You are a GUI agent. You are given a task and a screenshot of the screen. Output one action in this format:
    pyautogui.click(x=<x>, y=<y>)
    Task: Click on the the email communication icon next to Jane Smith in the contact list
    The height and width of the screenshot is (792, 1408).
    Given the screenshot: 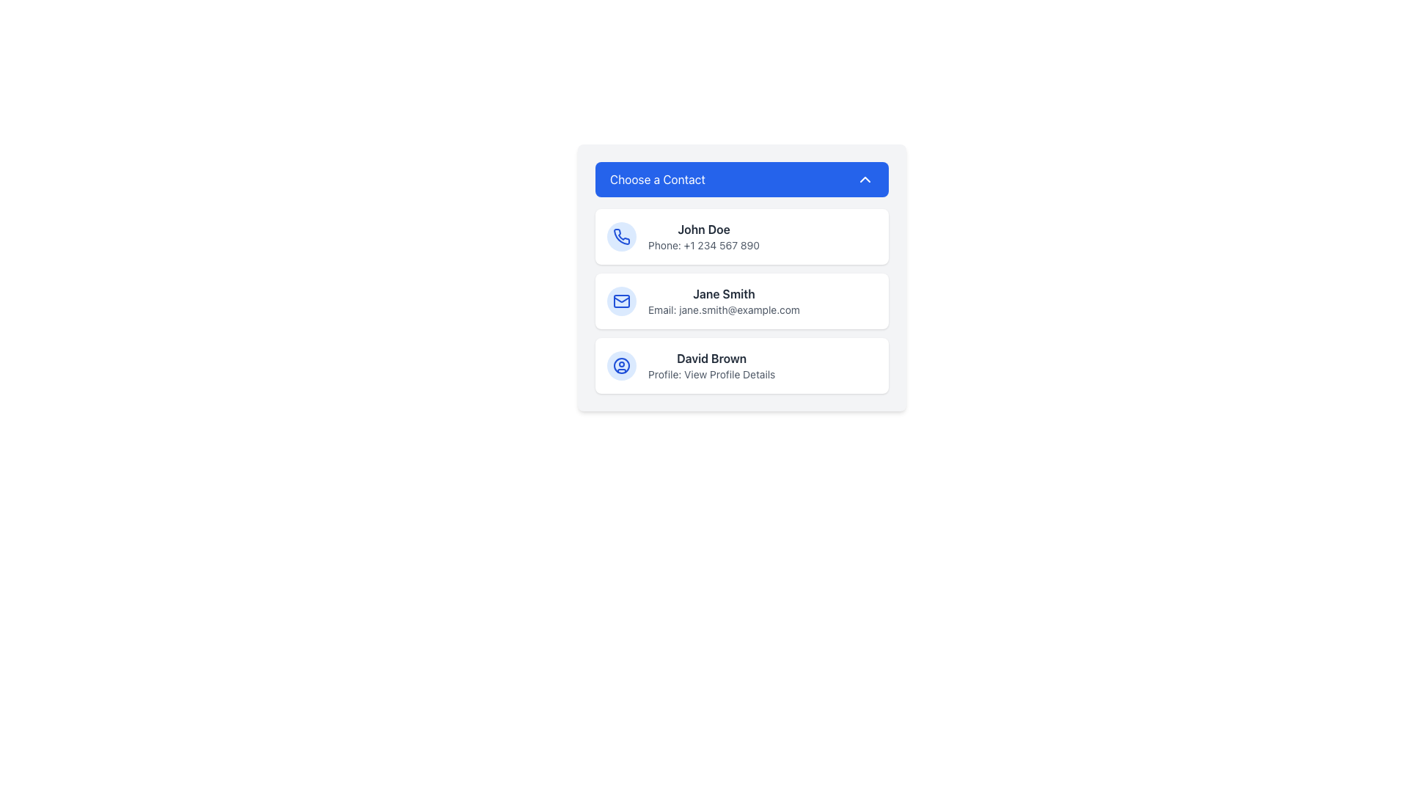 What is the action you would take?
    pyautogui.click(x=622, y=301)
    